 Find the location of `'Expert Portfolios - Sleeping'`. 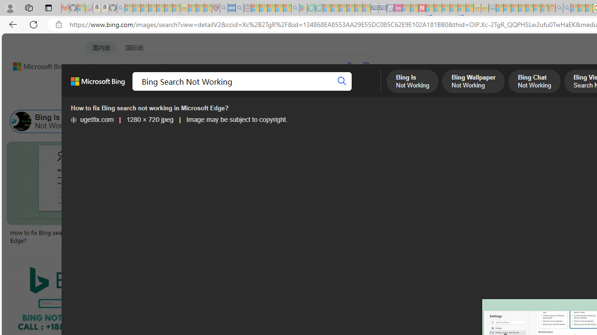

'Expert Portfolios - Sleeping' is located at coordinates (522, 8).